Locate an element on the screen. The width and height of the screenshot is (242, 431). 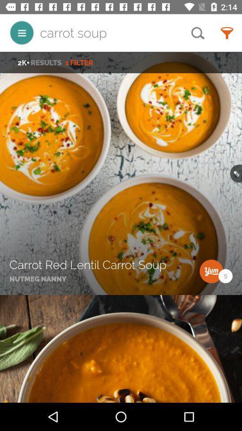
the item next to the carrot soup item is located at coordinates (198, 33).